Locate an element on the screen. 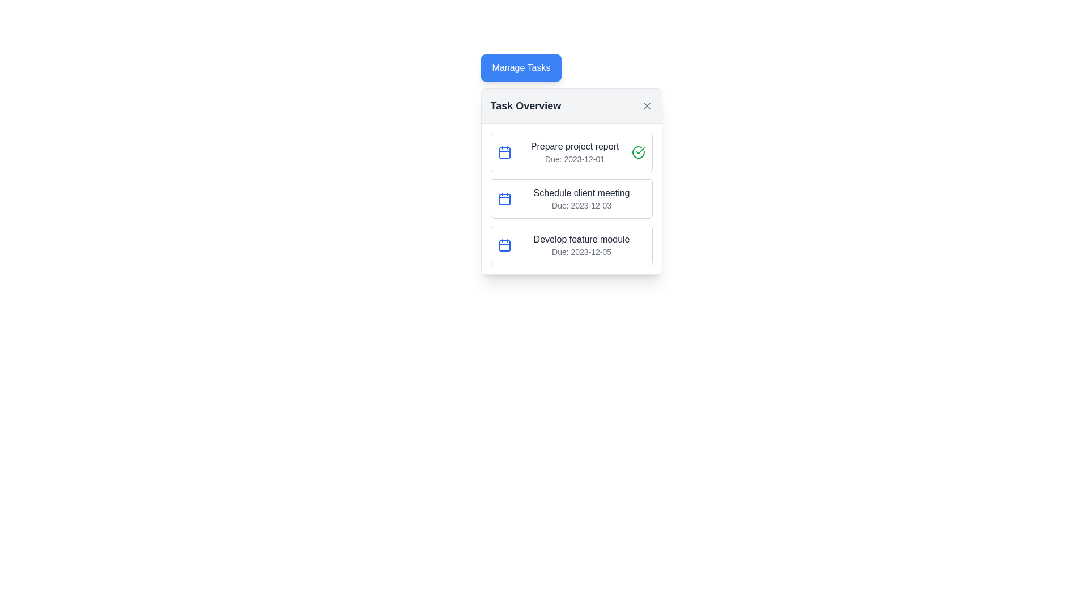  the blue rectangular section of the calendar icon located to the left of the task 'Schedule client meeting' is located at coordinates (504, 245).